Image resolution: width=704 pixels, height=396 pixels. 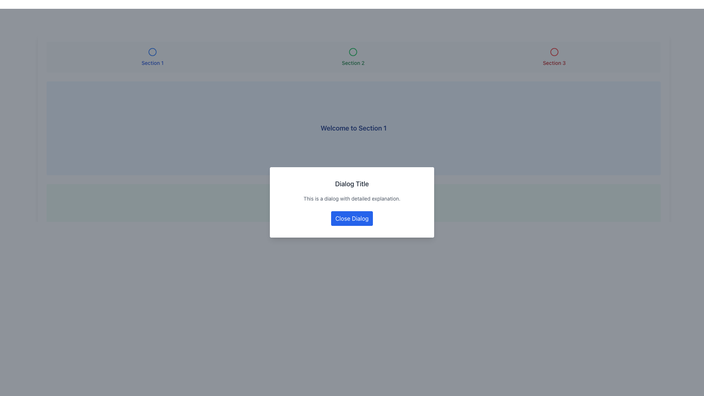 I want to click on the green circle icon located at the top center of the interface, above the text label 'Section 2', so click(x=353, y=52).